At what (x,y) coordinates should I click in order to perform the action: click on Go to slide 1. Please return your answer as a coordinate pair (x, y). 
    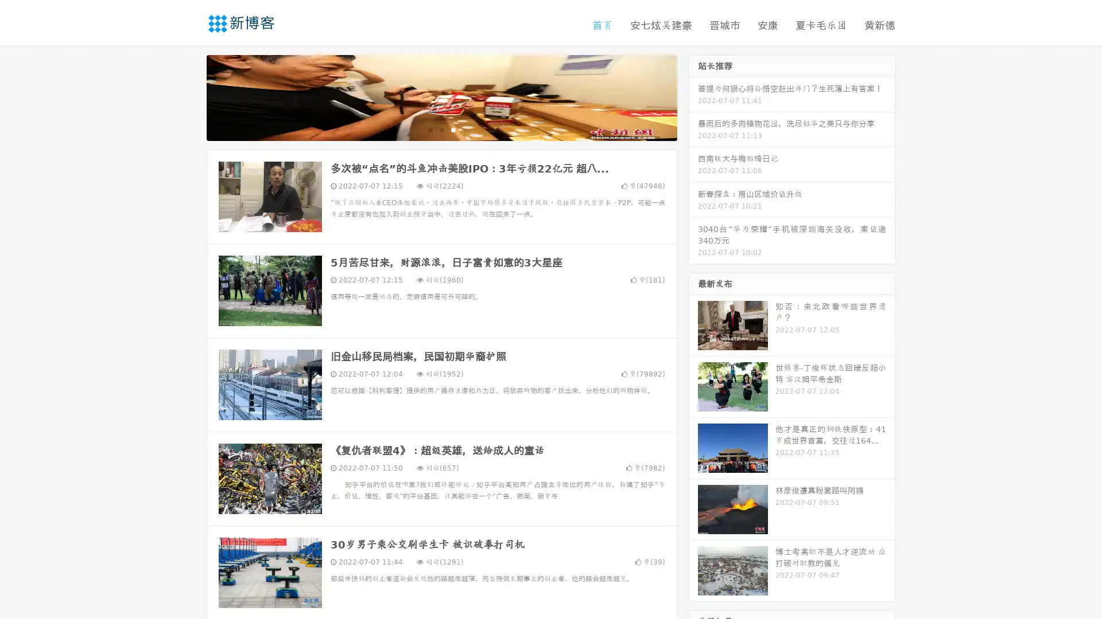
    Looking at the image, I should click on (429, 129).